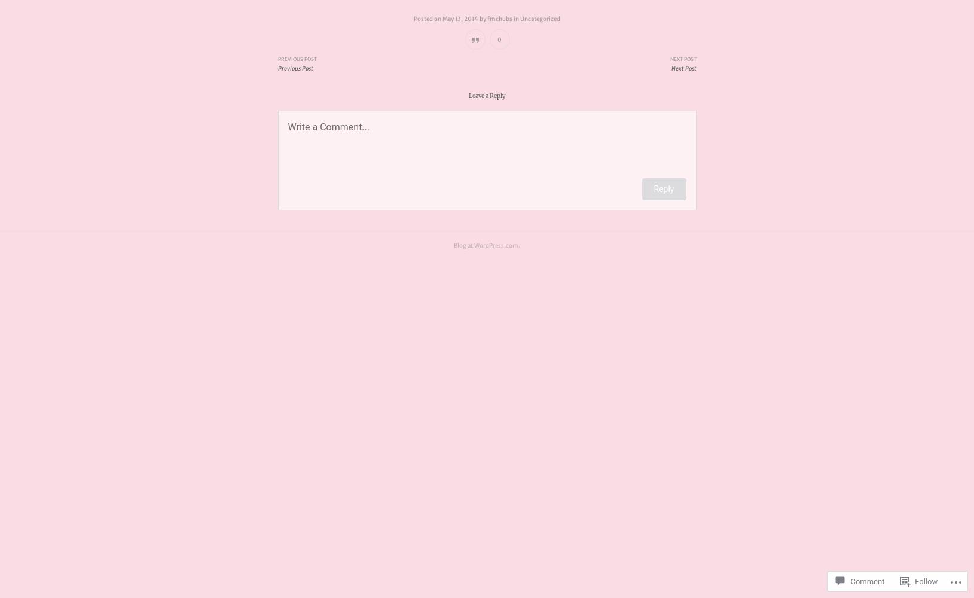  Describe the element at coordinates (460, 19) in the screenshot. I see `'May 13, 2014'` at that location.